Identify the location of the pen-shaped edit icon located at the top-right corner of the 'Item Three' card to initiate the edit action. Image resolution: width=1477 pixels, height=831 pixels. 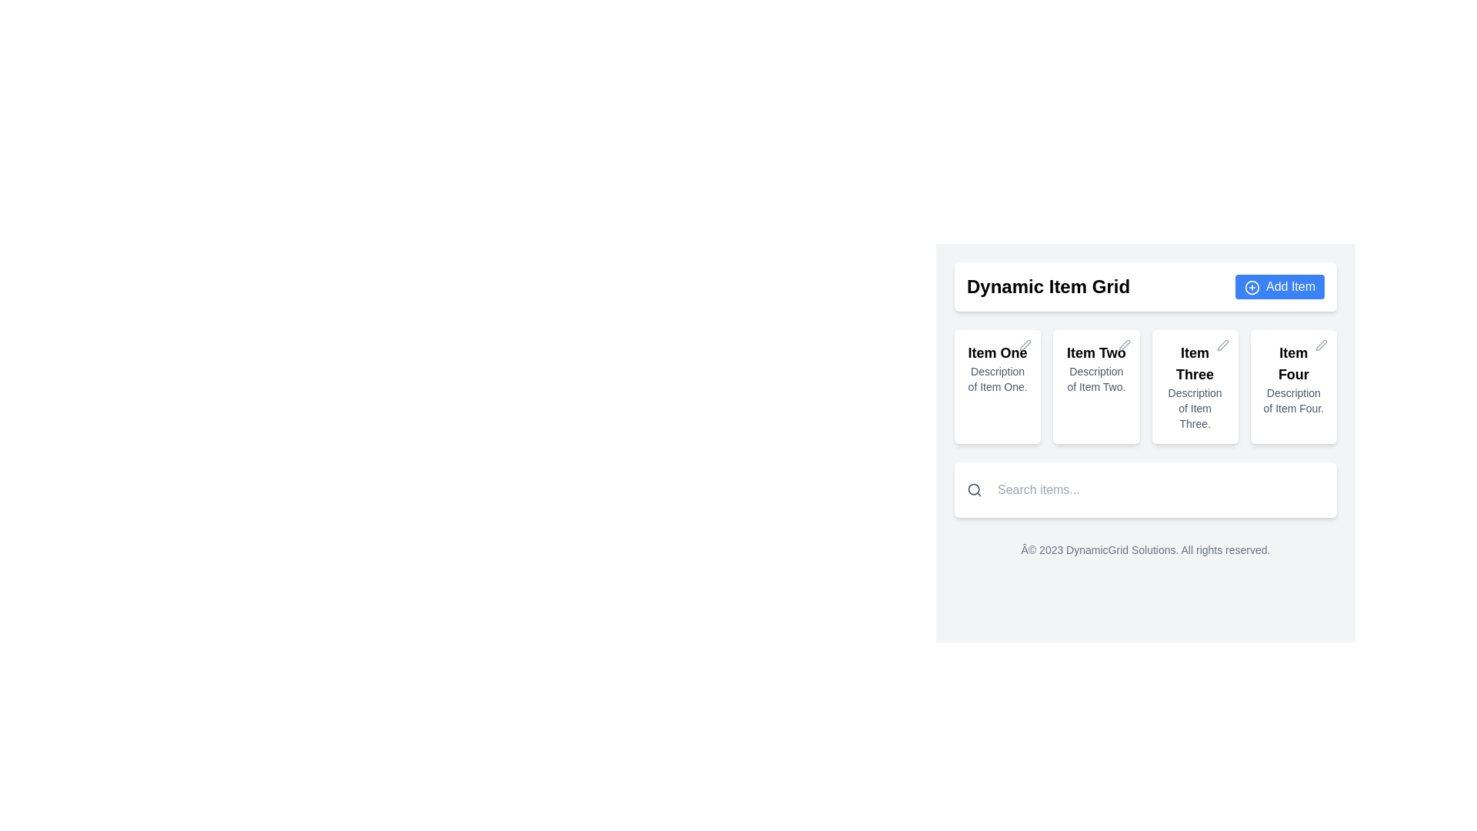
(1222, 344).